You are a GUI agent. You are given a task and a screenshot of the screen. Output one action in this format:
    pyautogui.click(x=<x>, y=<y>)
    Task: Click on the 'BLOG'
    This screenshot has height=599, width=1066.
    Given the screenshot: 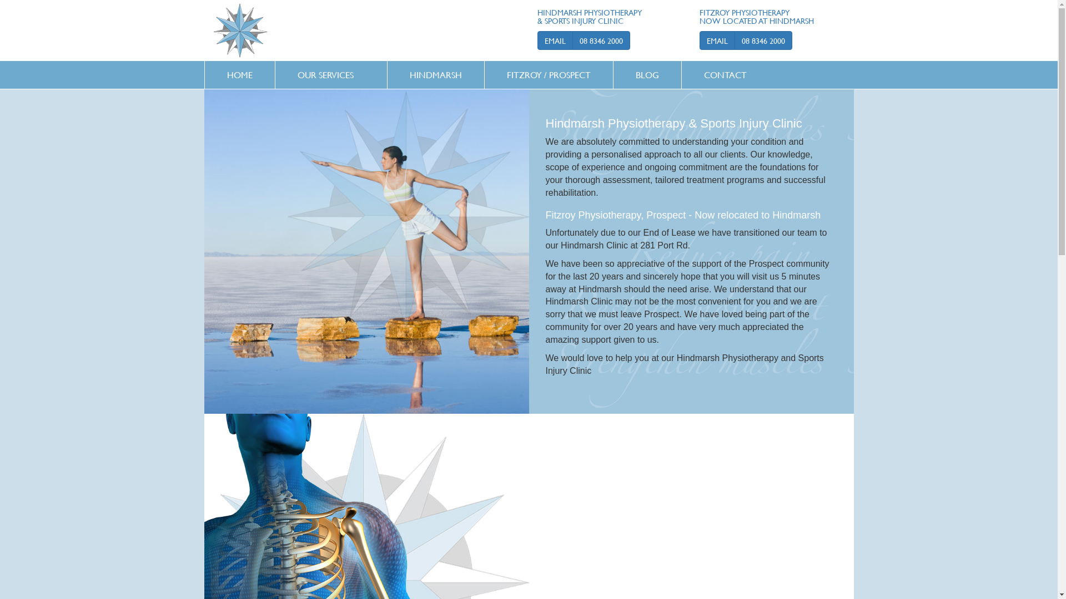 What is the action you would take?
    pyautogui.click(x=647, y=75)
    